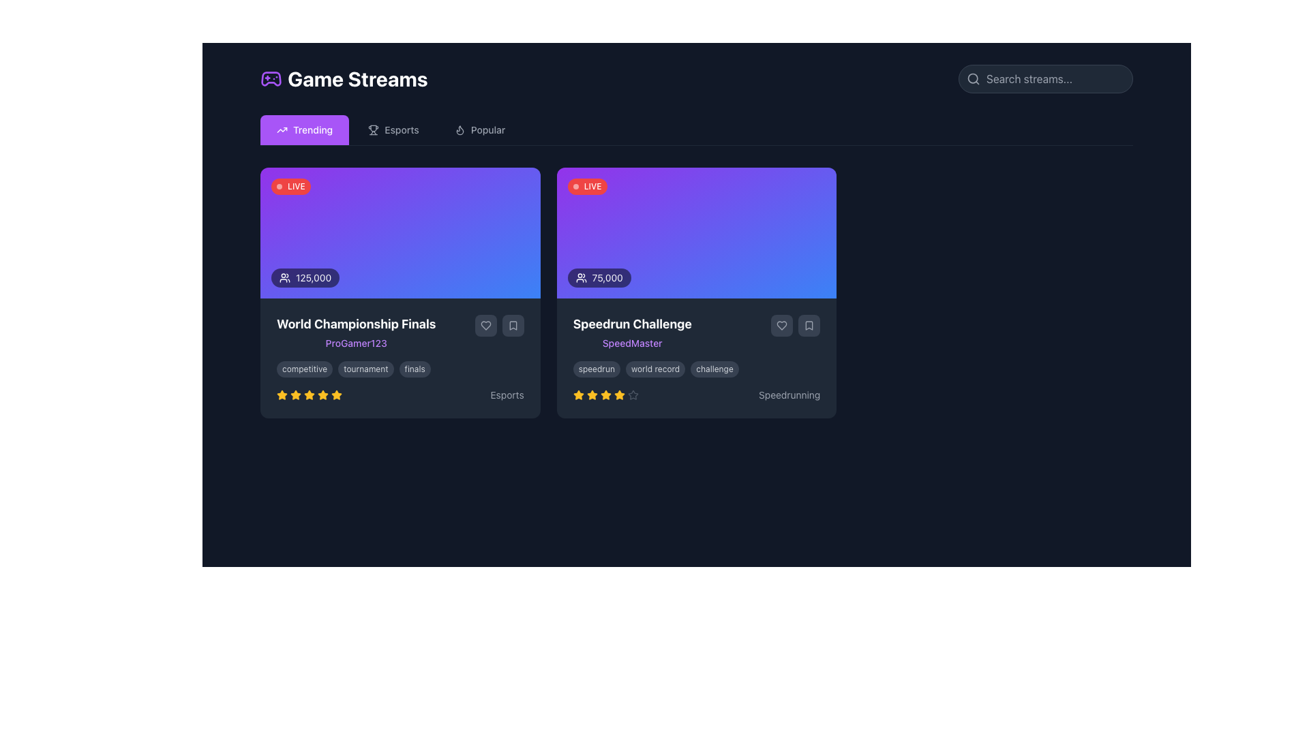 The height and width of the screenshot is (736, 1309). Describe the element at coordinates (305, 277) in the screenshot. I see `the viewer count label located in the lower-left corner of the purple gradient card for the 'World Championship Finals' stream, situated below the 'LIVE' indicator` at that location.